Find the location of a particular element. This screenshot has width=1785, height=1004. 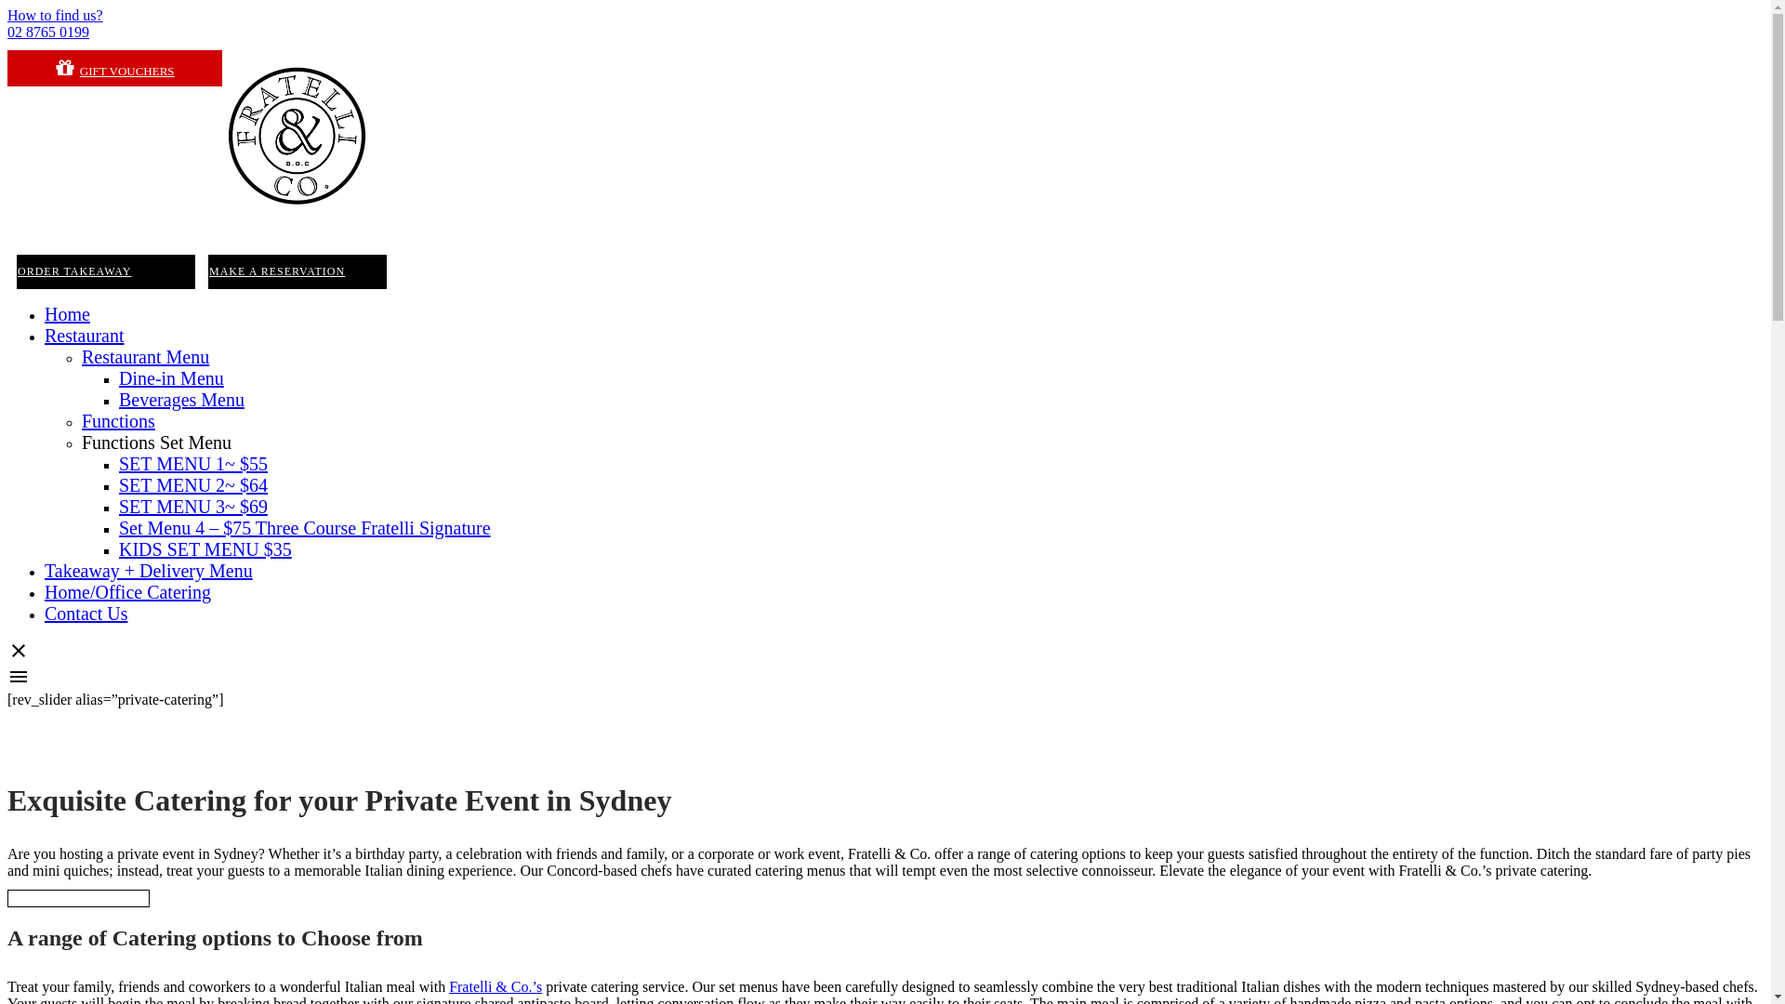

'SET MENU 2~ $64' is located at coordinates (192, 483).